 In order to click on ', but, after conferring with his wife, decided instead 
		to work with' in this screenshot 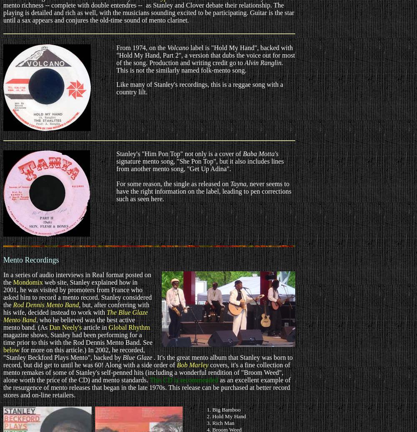, I will do `click(3, 308)`.